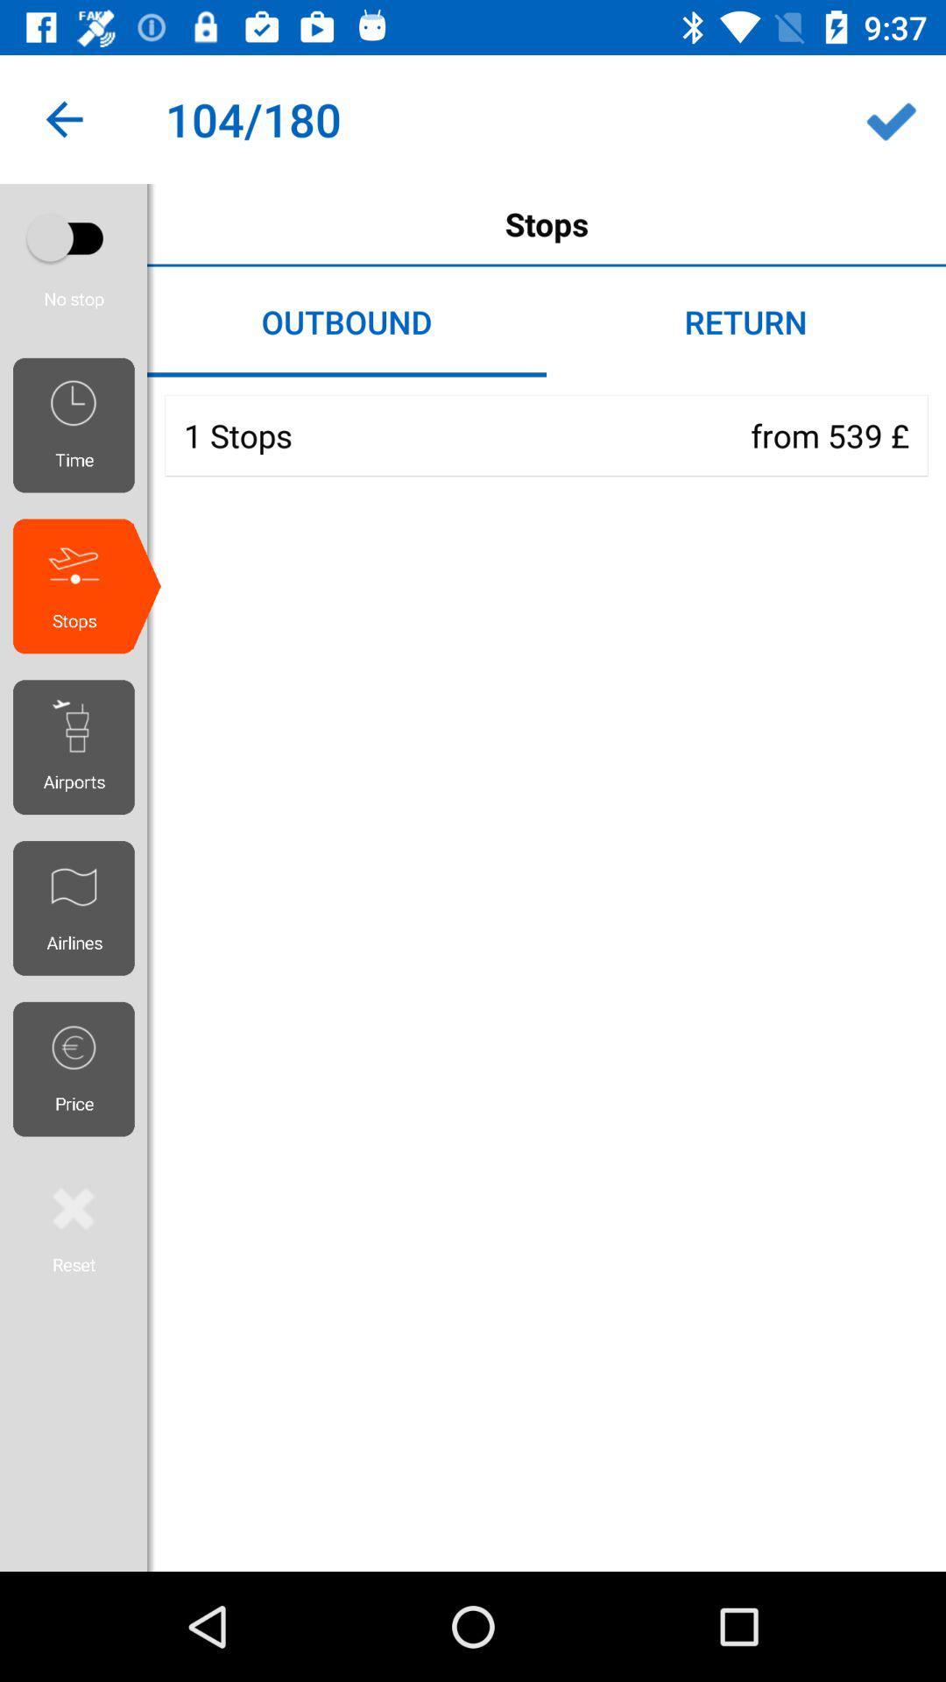  Describe the element at coordinates (73, 237) in the screenshot. I see `on/off` at that location.